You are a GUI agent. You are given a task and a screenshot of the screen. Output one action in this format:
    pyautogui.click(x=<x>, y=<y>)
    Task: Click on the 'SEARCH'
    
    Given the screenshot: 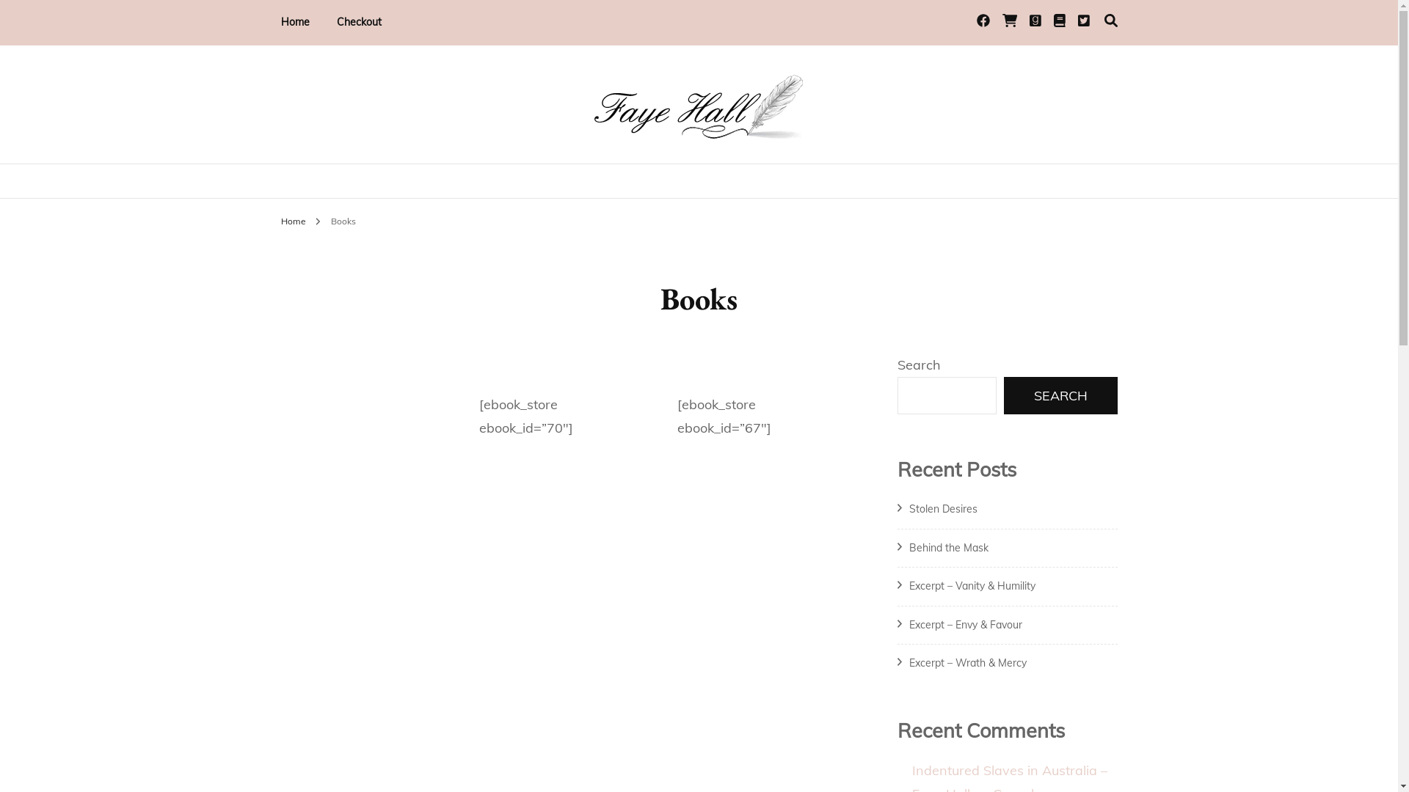 What is the action you would take?
    pyautogui.click(x=1060, y=396)
    